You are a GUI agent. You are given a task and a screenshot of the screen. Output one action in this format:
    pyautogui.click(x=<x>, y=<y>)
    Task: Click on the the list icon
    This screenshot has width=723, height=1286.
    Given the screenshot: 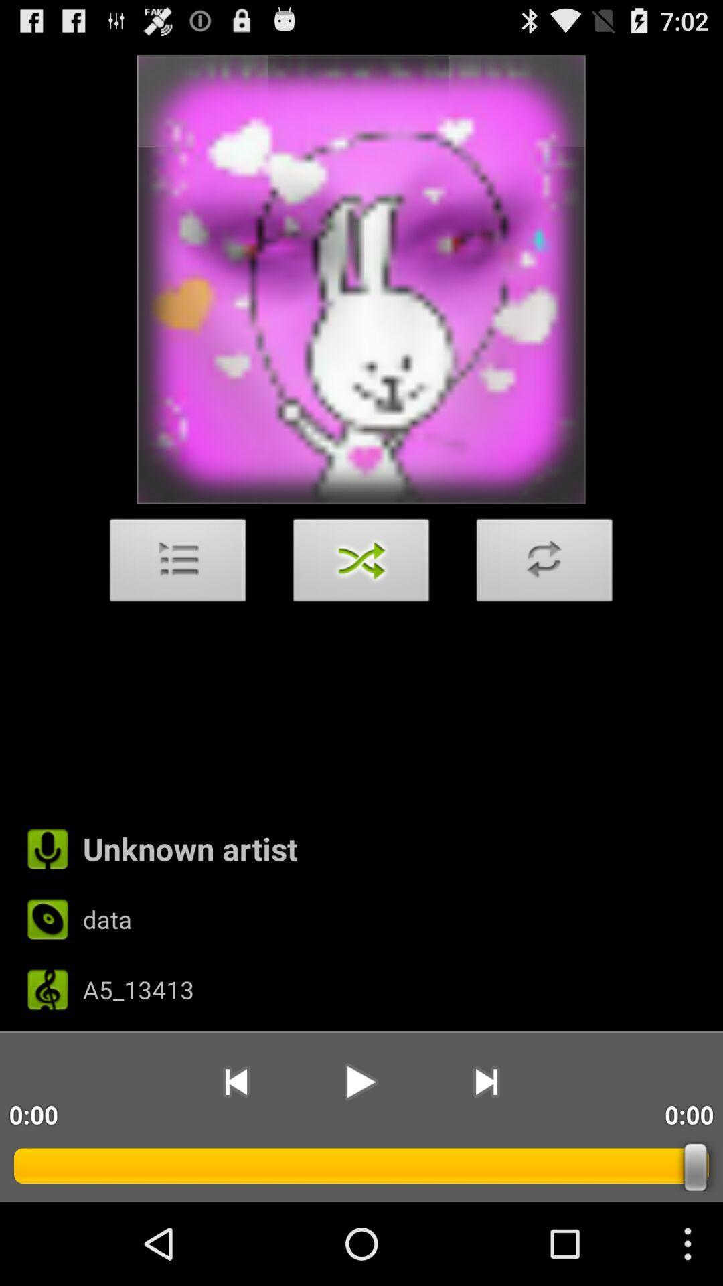 What is the action you would take?
    pyautogui.click(x=177, y=603)
    